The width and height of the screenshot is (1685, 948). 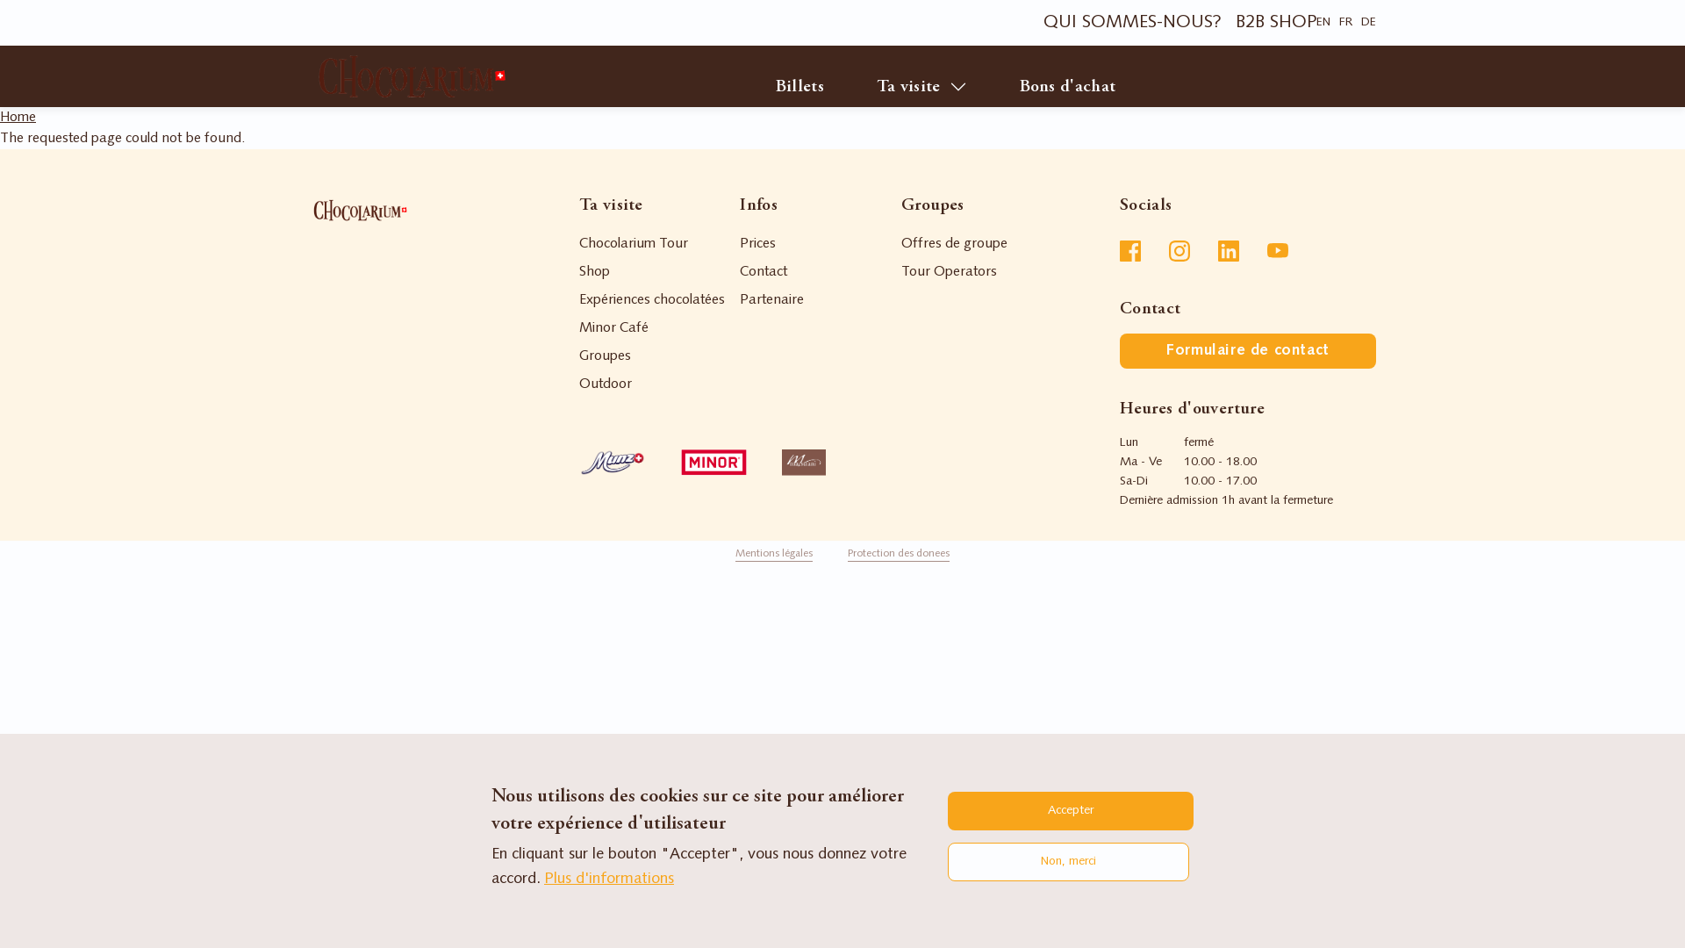 I want to click on 'EN', so click(x=1323, y=23).